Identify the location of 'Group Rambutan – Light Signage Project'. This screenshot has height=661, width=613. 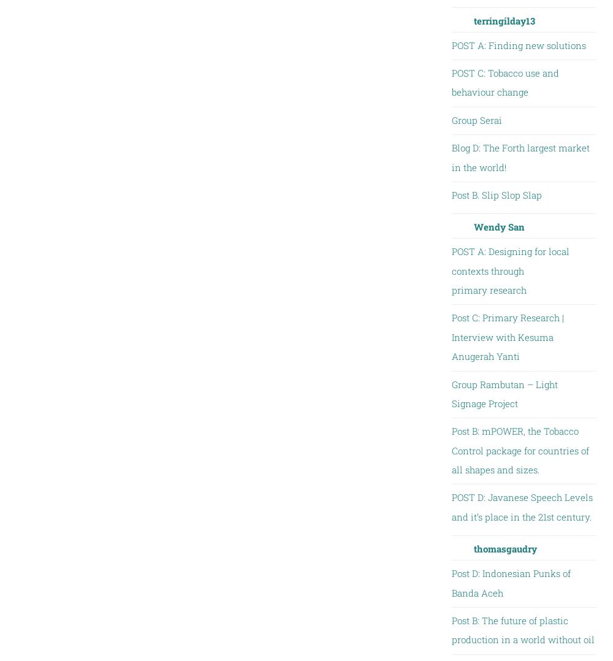
(503, 392).